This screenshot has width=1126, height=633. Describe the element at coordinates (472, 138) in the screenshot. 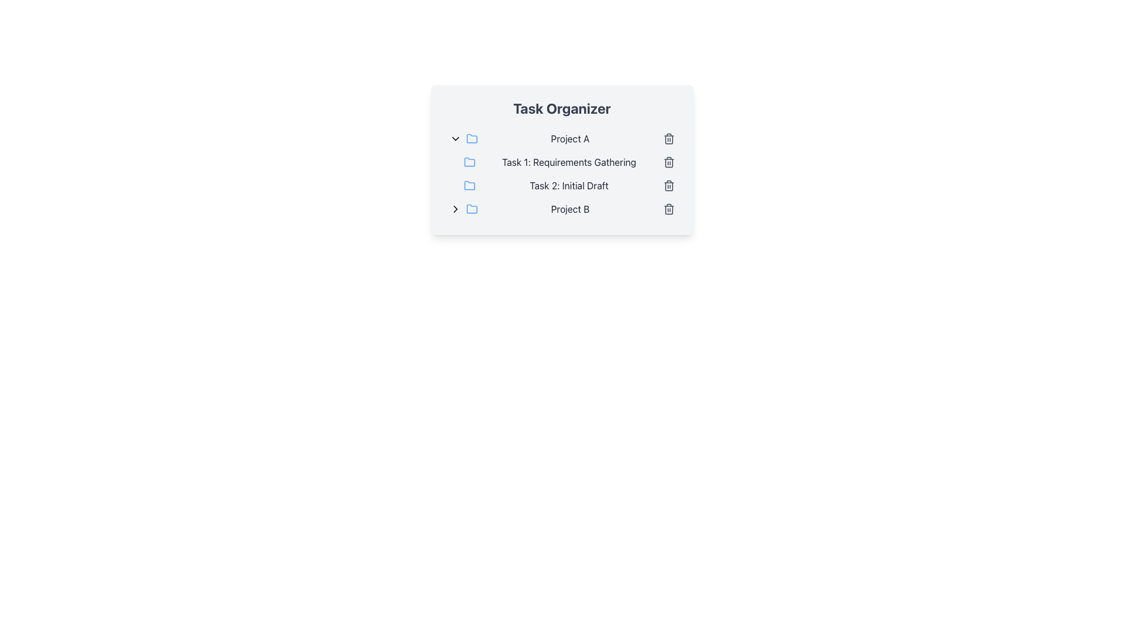

I see `the small folder icon with a blue outline located to the left of the text 'Project A'` at that location.